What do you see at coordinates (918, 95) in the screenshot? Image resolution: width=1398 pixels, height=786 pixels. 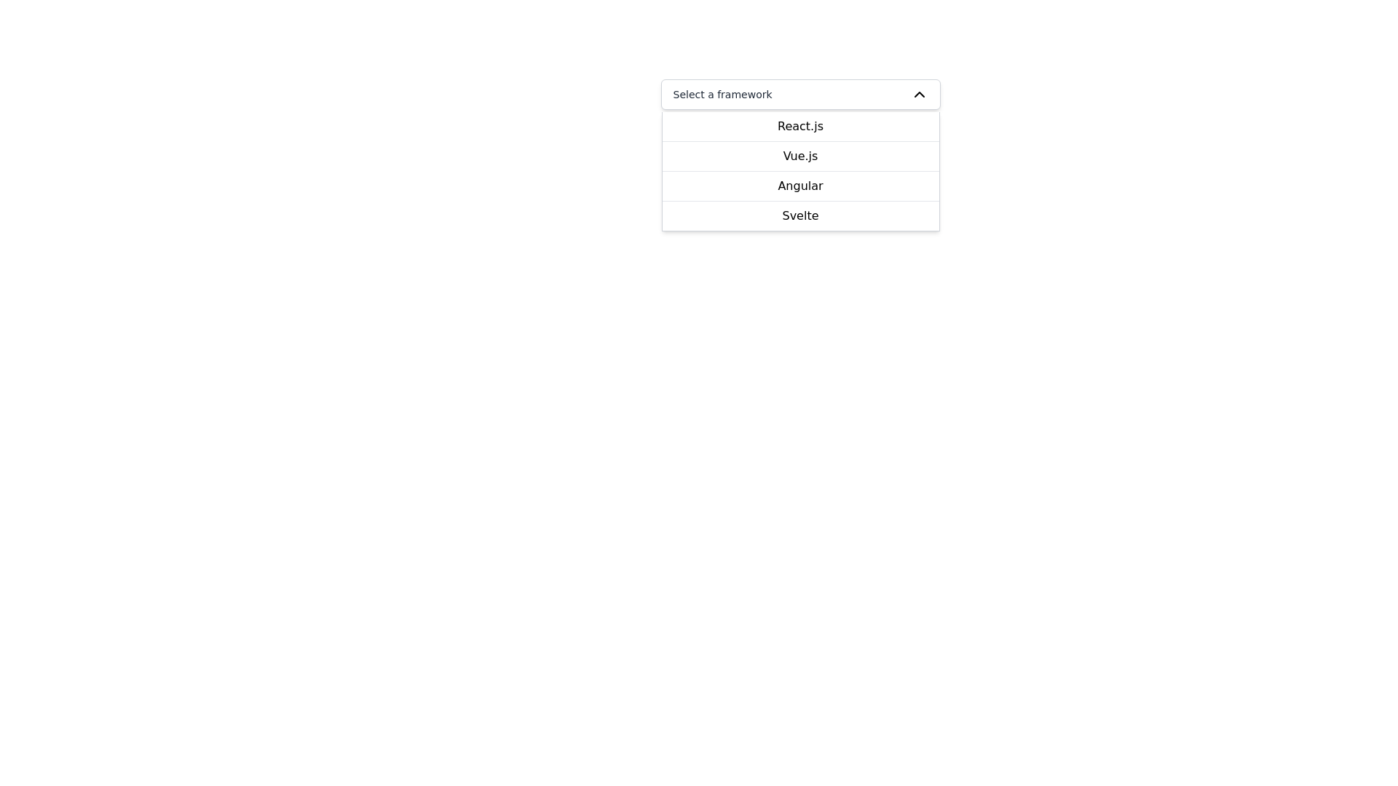 I see `the upward-pointing chevron icon button located on the right side of the 'Select a framework' dropdown menu` at bounding box center [918, 95].